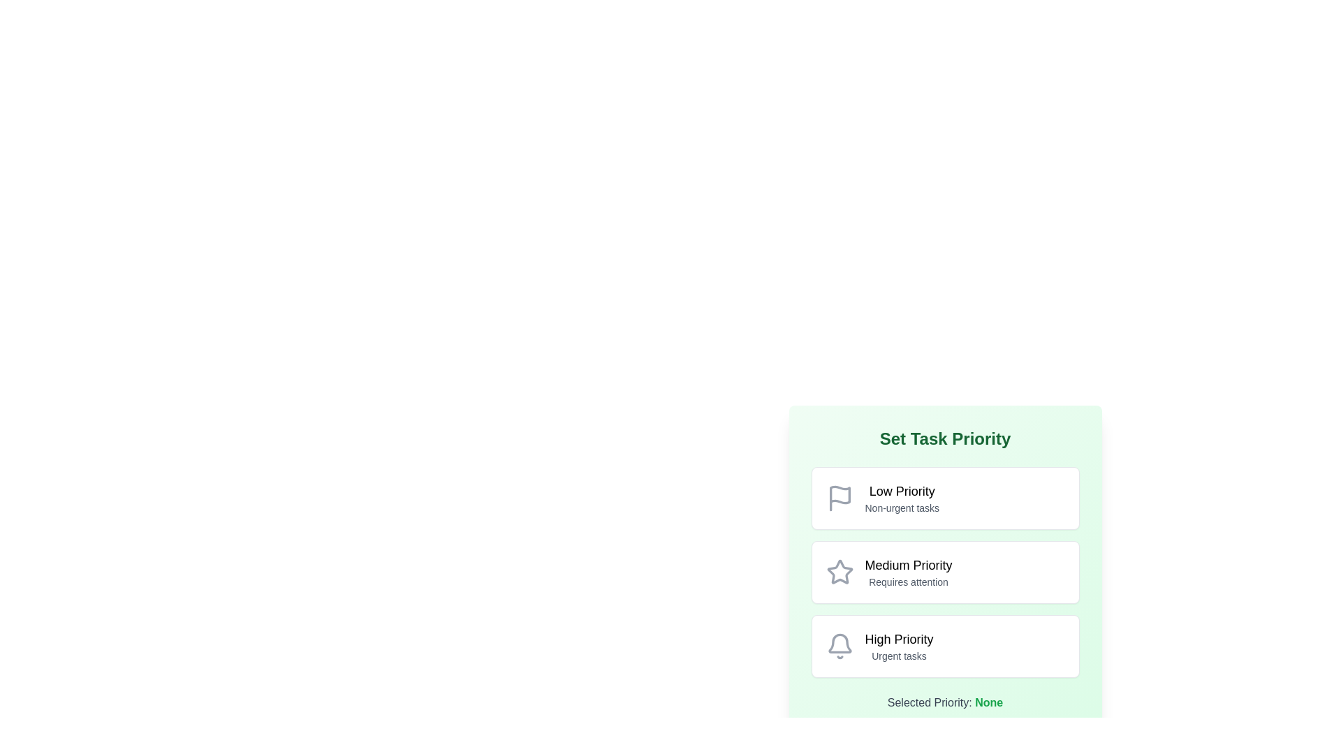 The width and height of the screenshot is (1341, 754). What do you see at coordinates (902, 491) in the screenshot?
I see `the 'Low Priority' text label located at the top of the 'Set Task Priority' list, which is within the first box of the list` at bounding box center [902, 491].